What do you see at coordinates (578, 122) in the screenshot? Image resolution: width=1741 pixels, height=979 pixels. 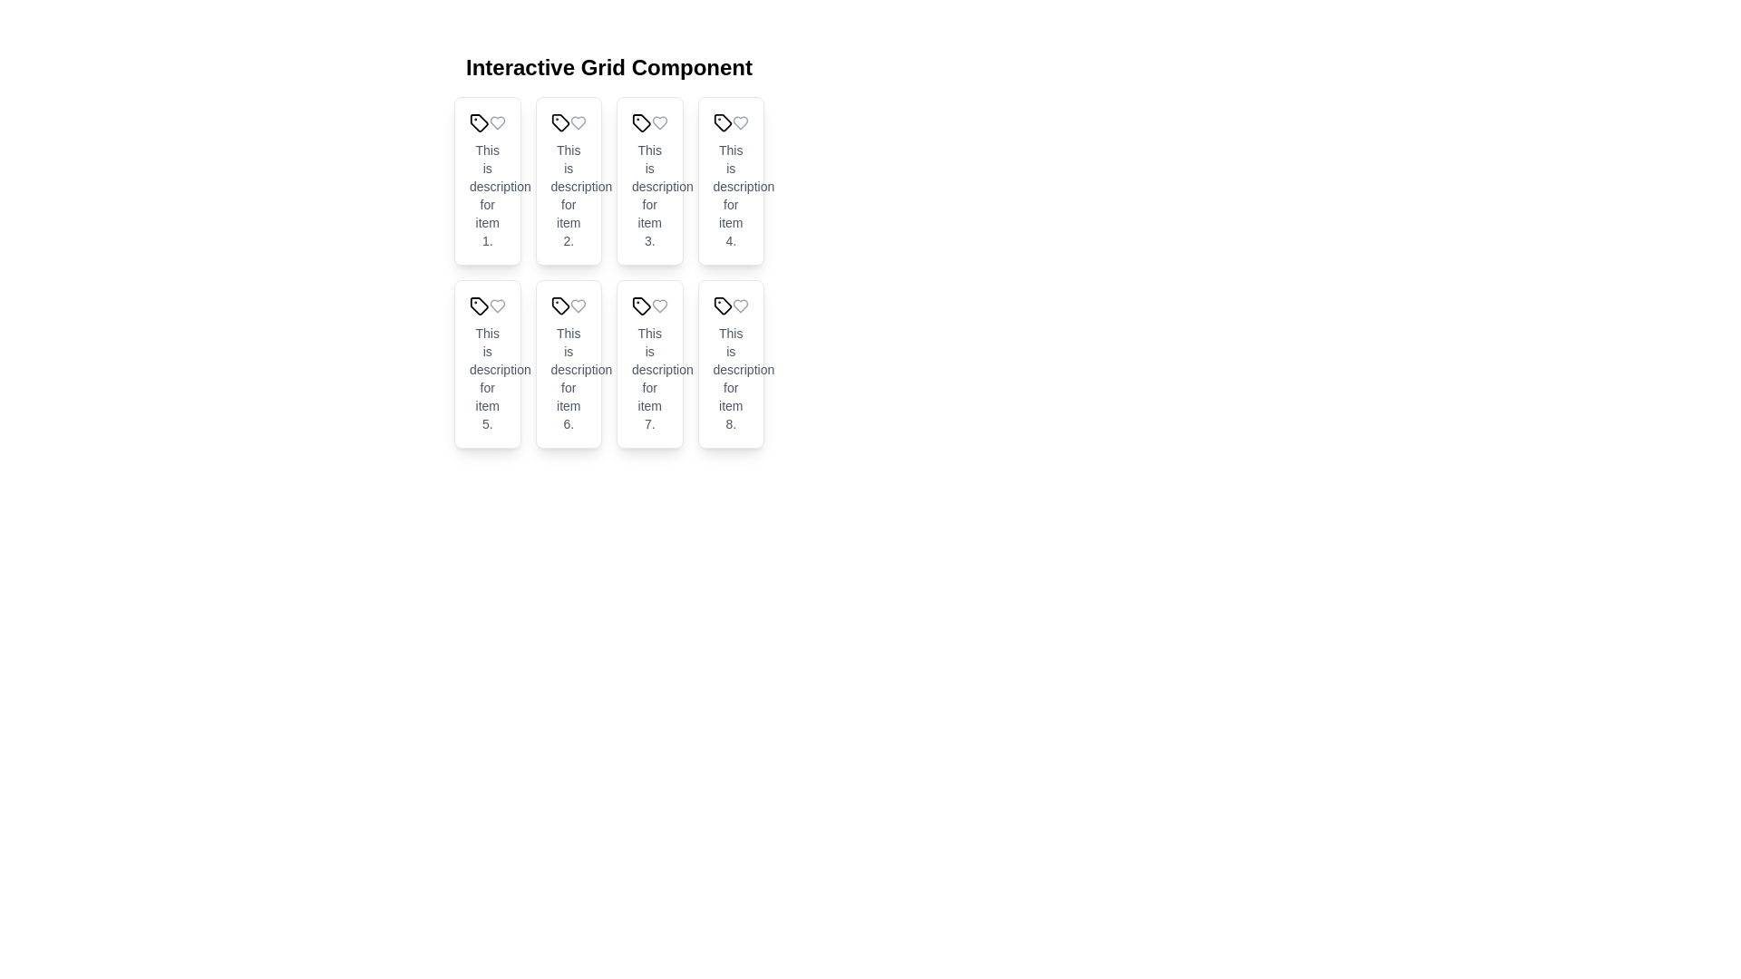 I see `the heart icon button, which is light gray and positioned in the card layout next to the tag icon for 'Tile 2'` at bounding box center [578, 122].